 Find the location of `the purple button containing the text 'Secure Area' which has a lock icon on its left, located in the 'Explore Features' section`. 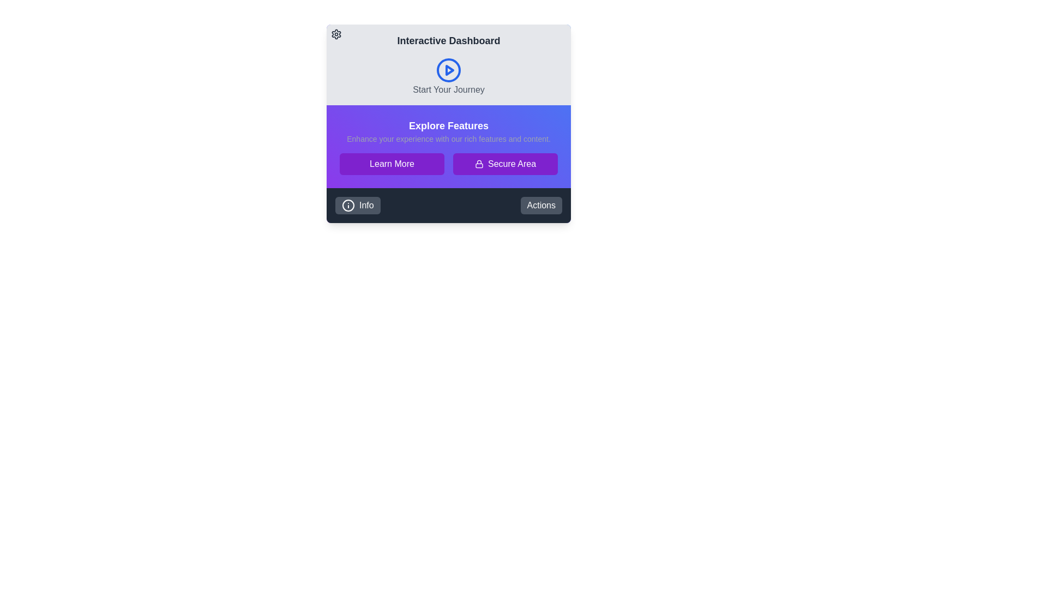

the purple button containing the text 'Secure Area' which has a lock icon on its left, located in the 'Explore Features' section is located at coordinates (512, 164).